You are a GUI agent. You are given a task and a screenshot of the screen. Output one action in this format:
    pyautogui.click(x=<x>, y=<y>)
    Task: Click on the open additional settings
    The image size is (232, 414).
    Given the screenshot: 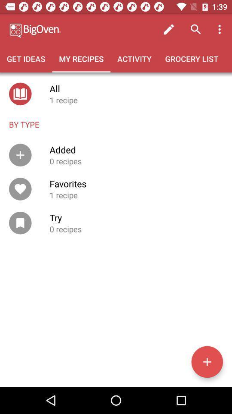 What is the action you would take?
    pyautogui.click(x=207, y=362)
    